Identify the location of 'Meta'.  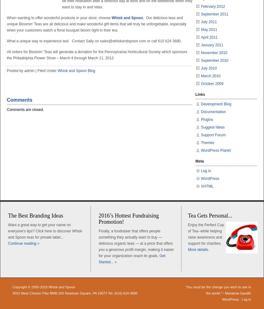
(195, 161).